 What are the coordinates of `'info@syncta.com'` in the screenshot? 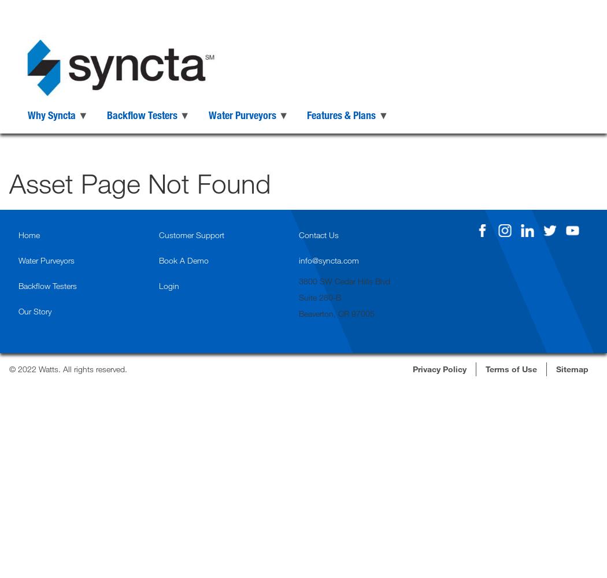 It's located at (328, 259).